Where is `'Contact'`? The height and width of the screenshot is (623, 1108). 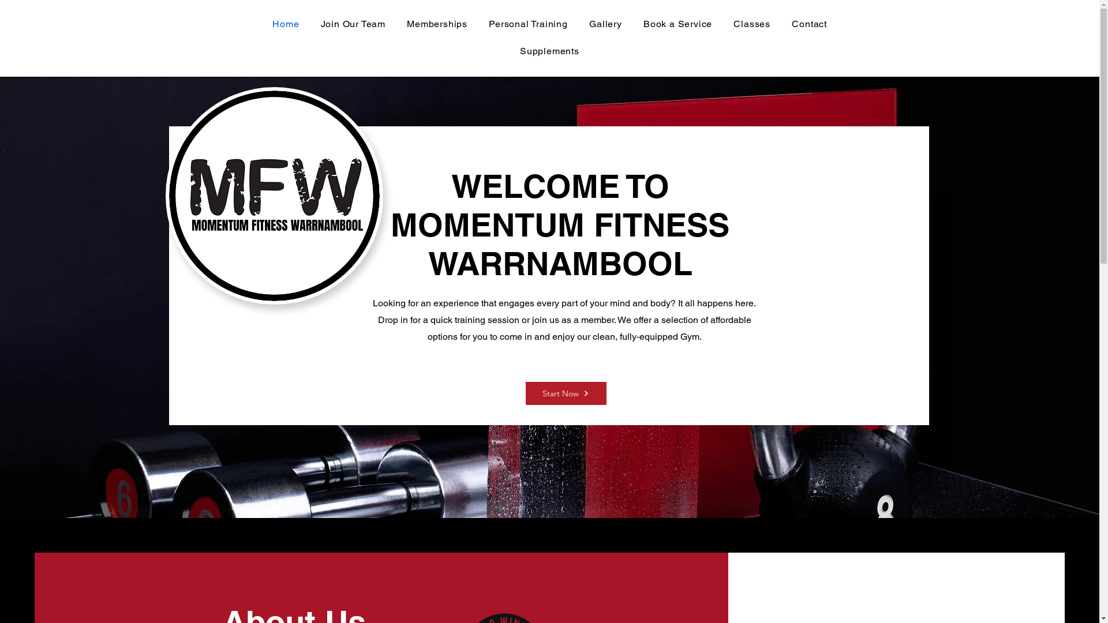
'Contact' is located at coordinates (808, 24).